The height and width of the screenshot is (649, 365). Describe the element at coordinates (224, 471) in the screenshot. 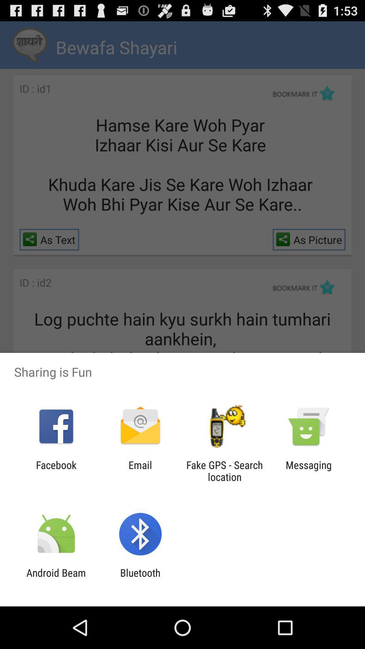

I see `fake gps search app` at that location.